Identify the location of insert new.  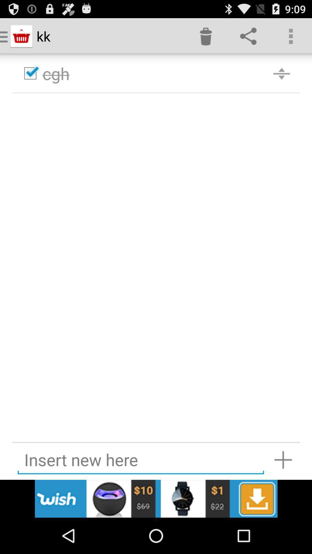
(283, 459).